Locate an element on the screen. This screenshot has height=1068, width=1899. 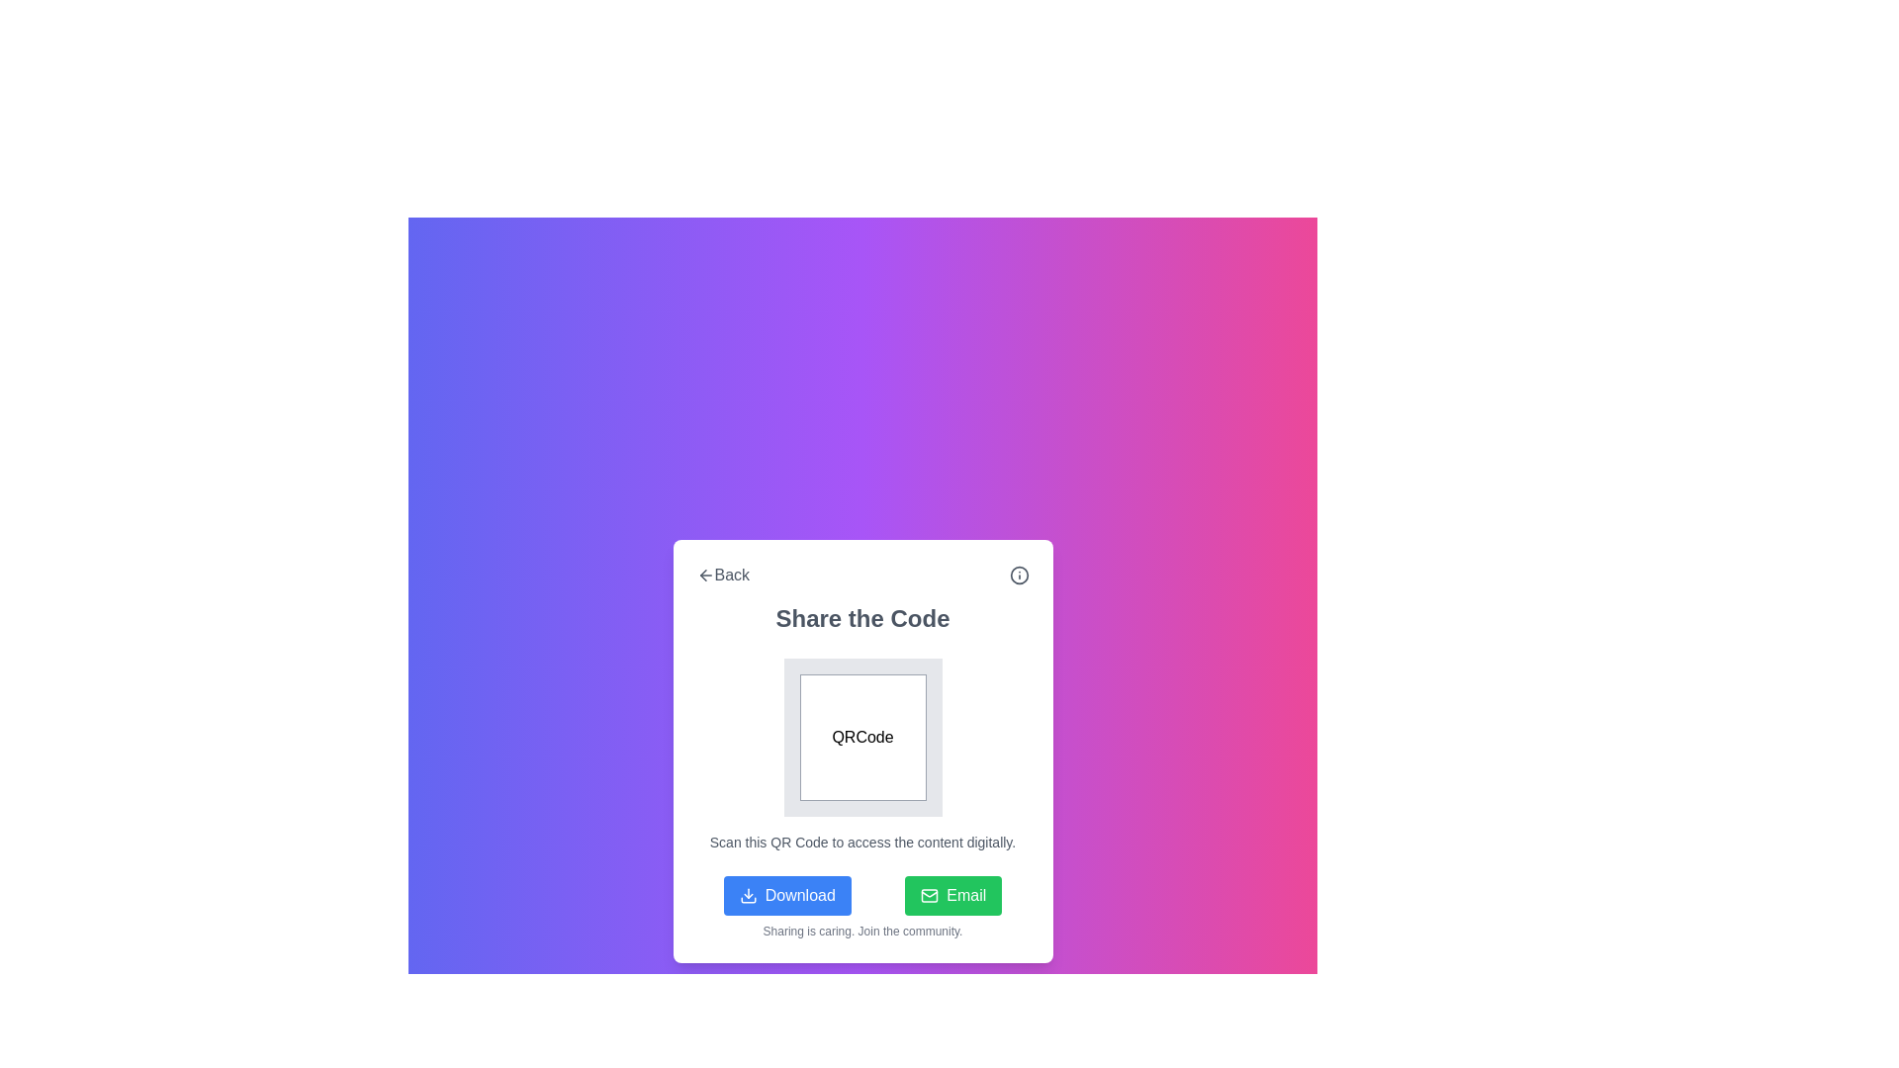
the round gray icon with a thin outline and centered dot located at the top-right corner of the header section, to the right of the 'Back' button, for more information is located at coordinates (1019, 576).